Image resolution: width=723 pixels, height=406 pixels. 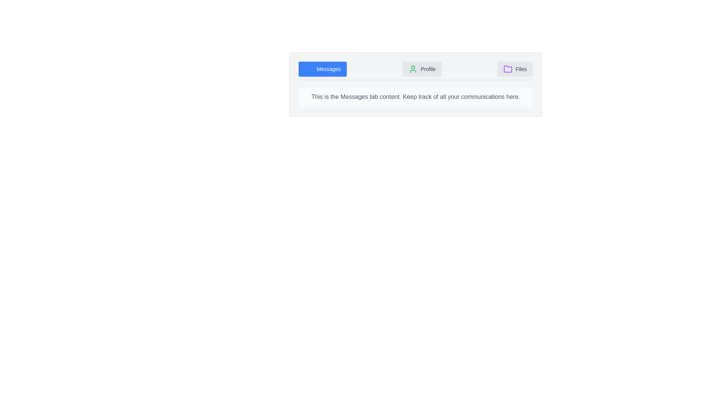 I want to click on the Files tab, so click(x=515, y=69).